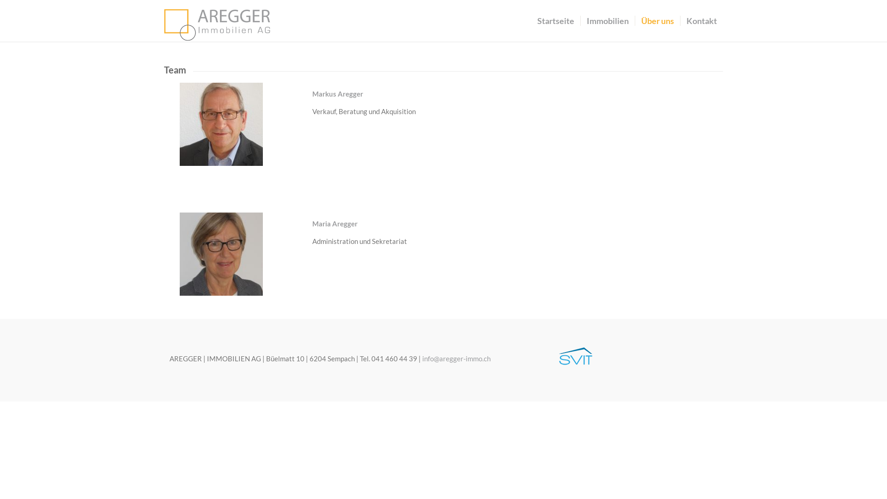 The height and width of the screenshot is (499, 887). What do you see at coordinates (555, 21) in the screenshot?
I see `'Startseite'` at bounding box center [555, 21].